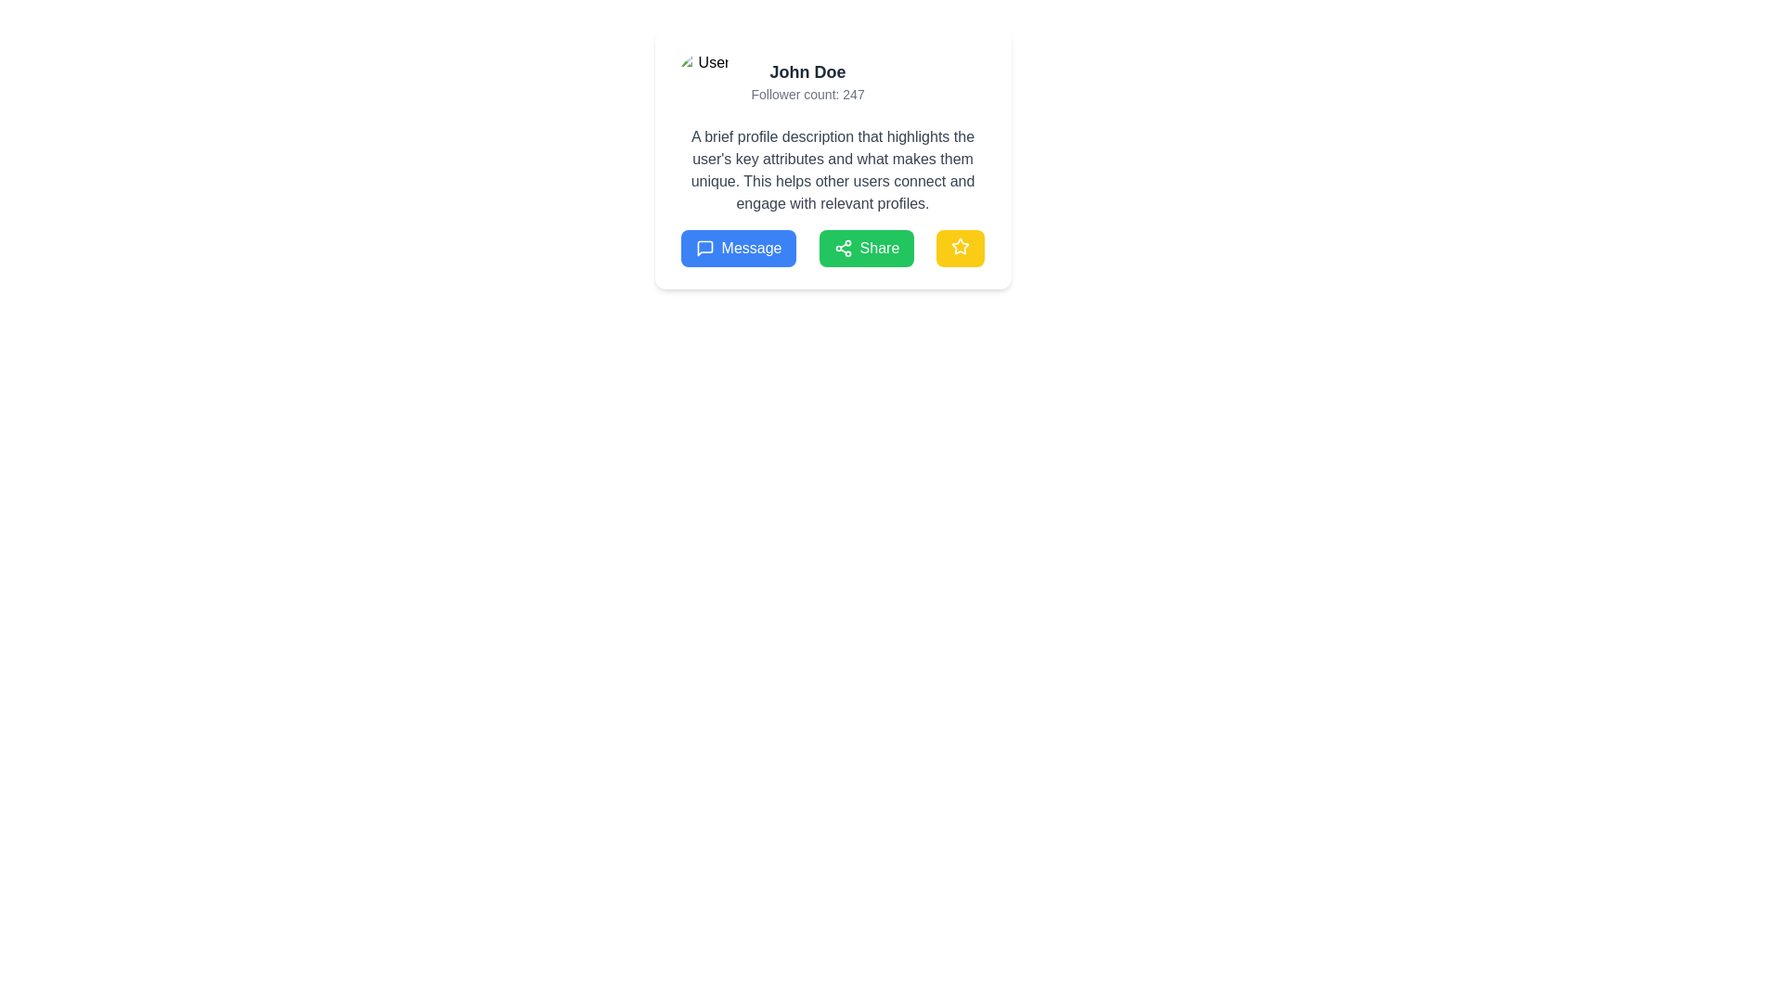 This screenshot has height=1002, width=1782. I want to click on the decorative icon representing favorites or rating, which is the central visual component of the third button in the group of three buttons at the bottom of the user profile card, so click(961, 246).